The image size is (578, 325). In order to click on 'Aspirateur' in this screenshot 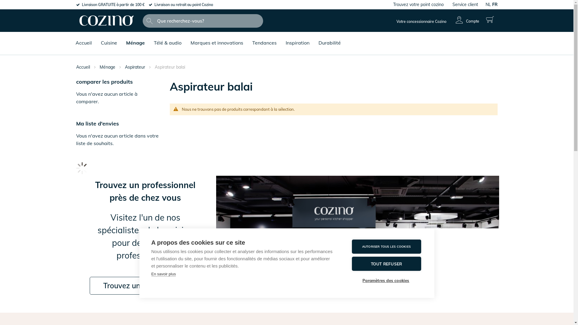, I will do `click(135, 67)`.